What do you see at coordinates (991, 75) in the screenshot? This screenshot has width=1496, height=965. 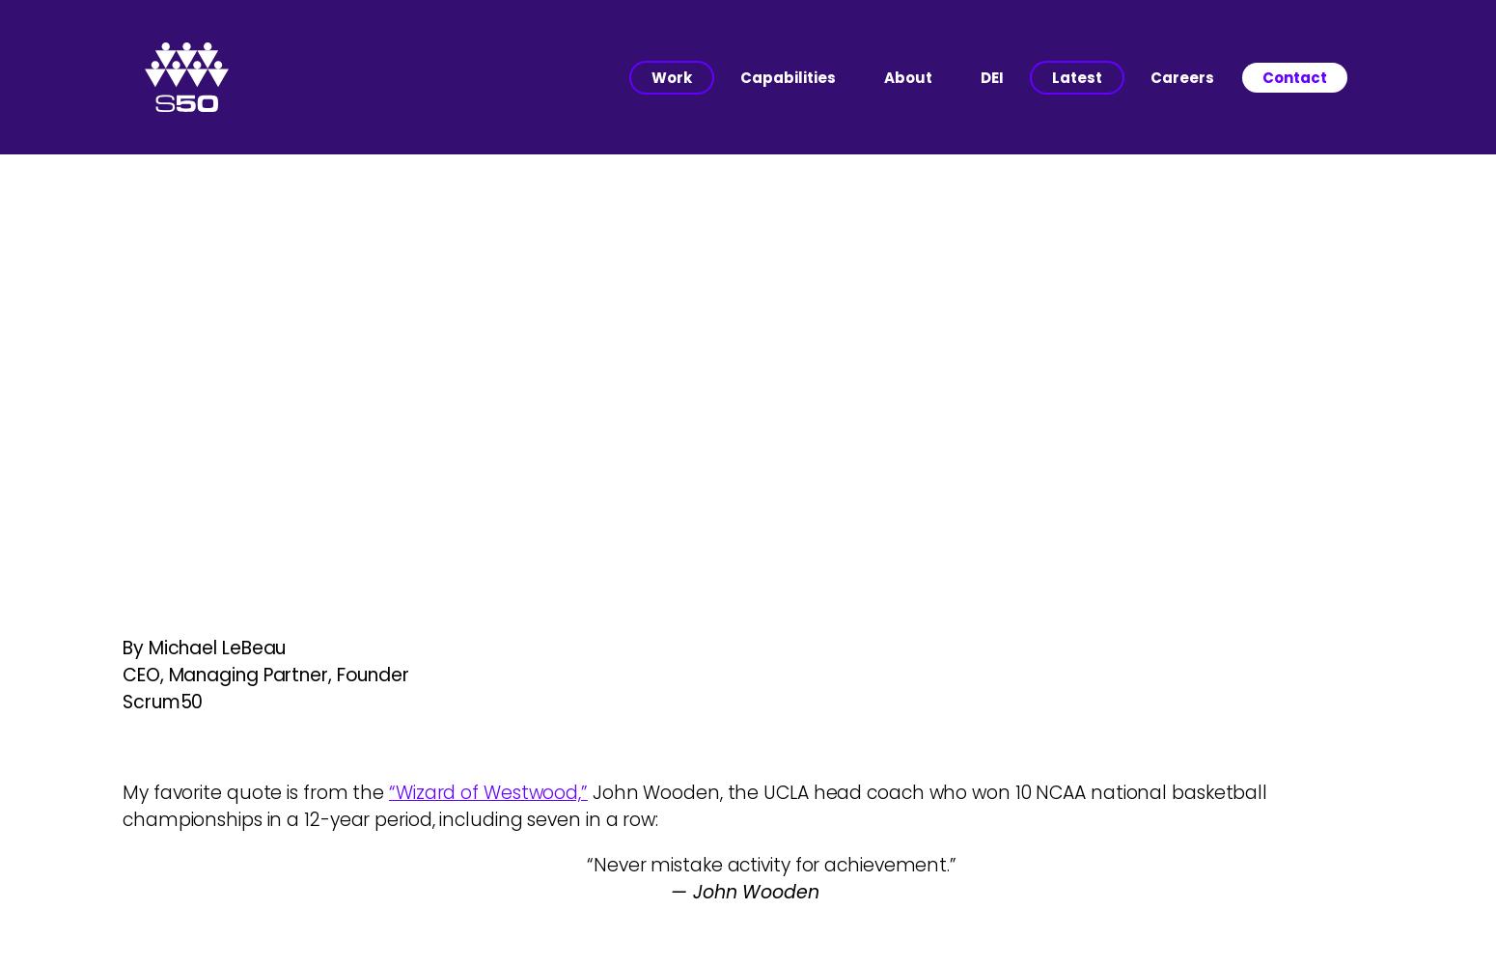 I see `'DEI'` at bounding box center [991, 75].